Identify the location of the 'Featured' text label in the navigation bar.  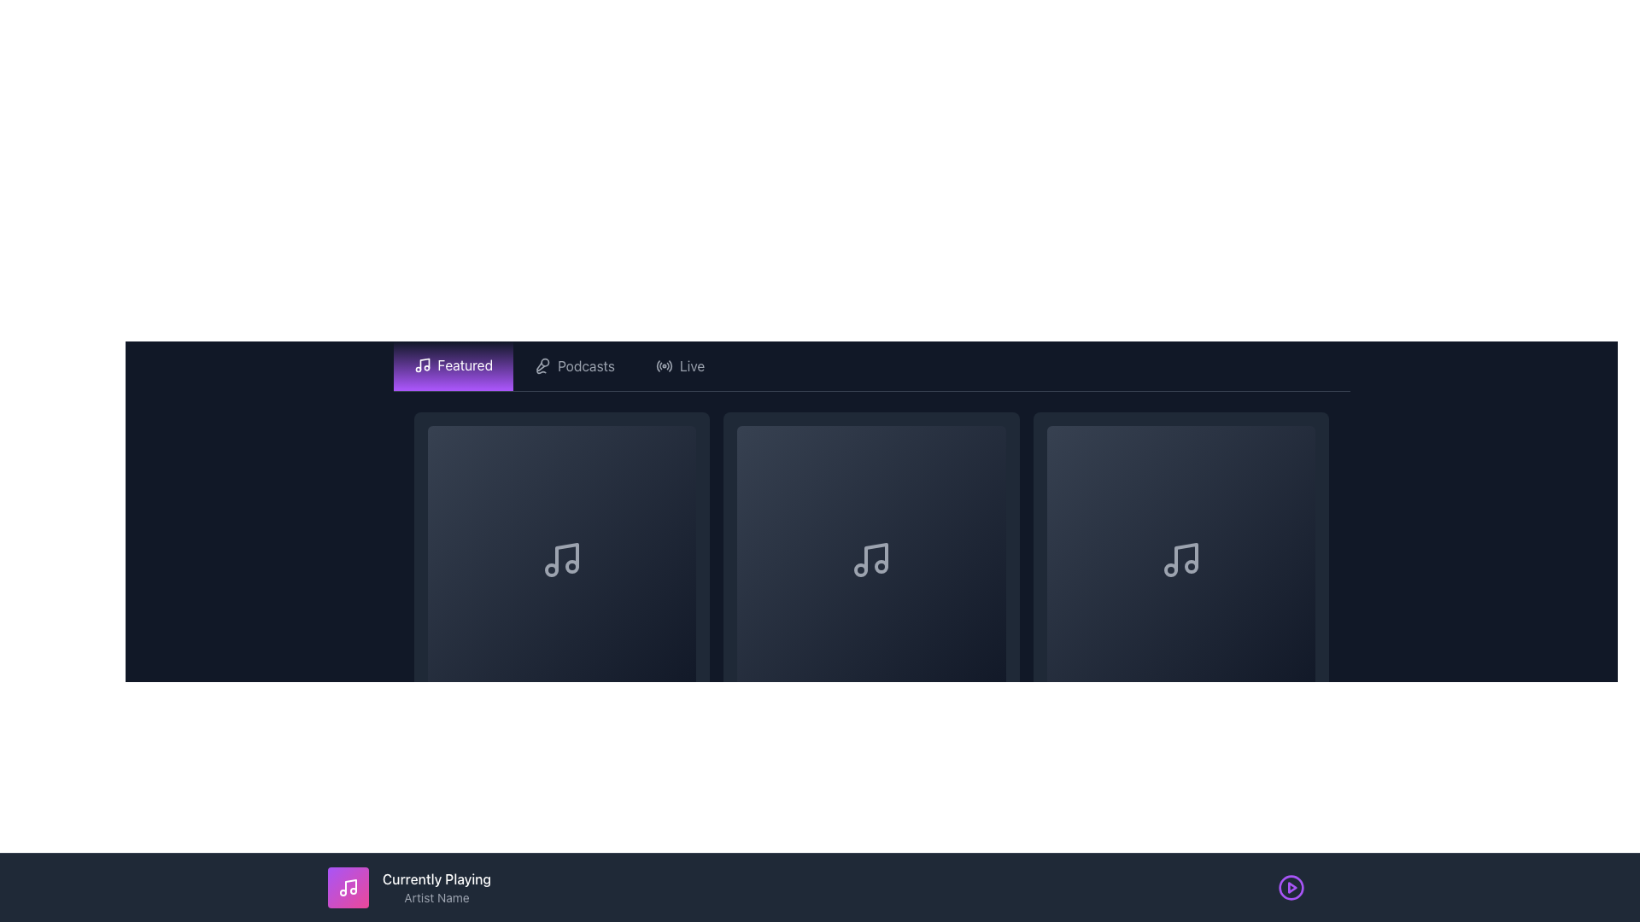
(465, 365).